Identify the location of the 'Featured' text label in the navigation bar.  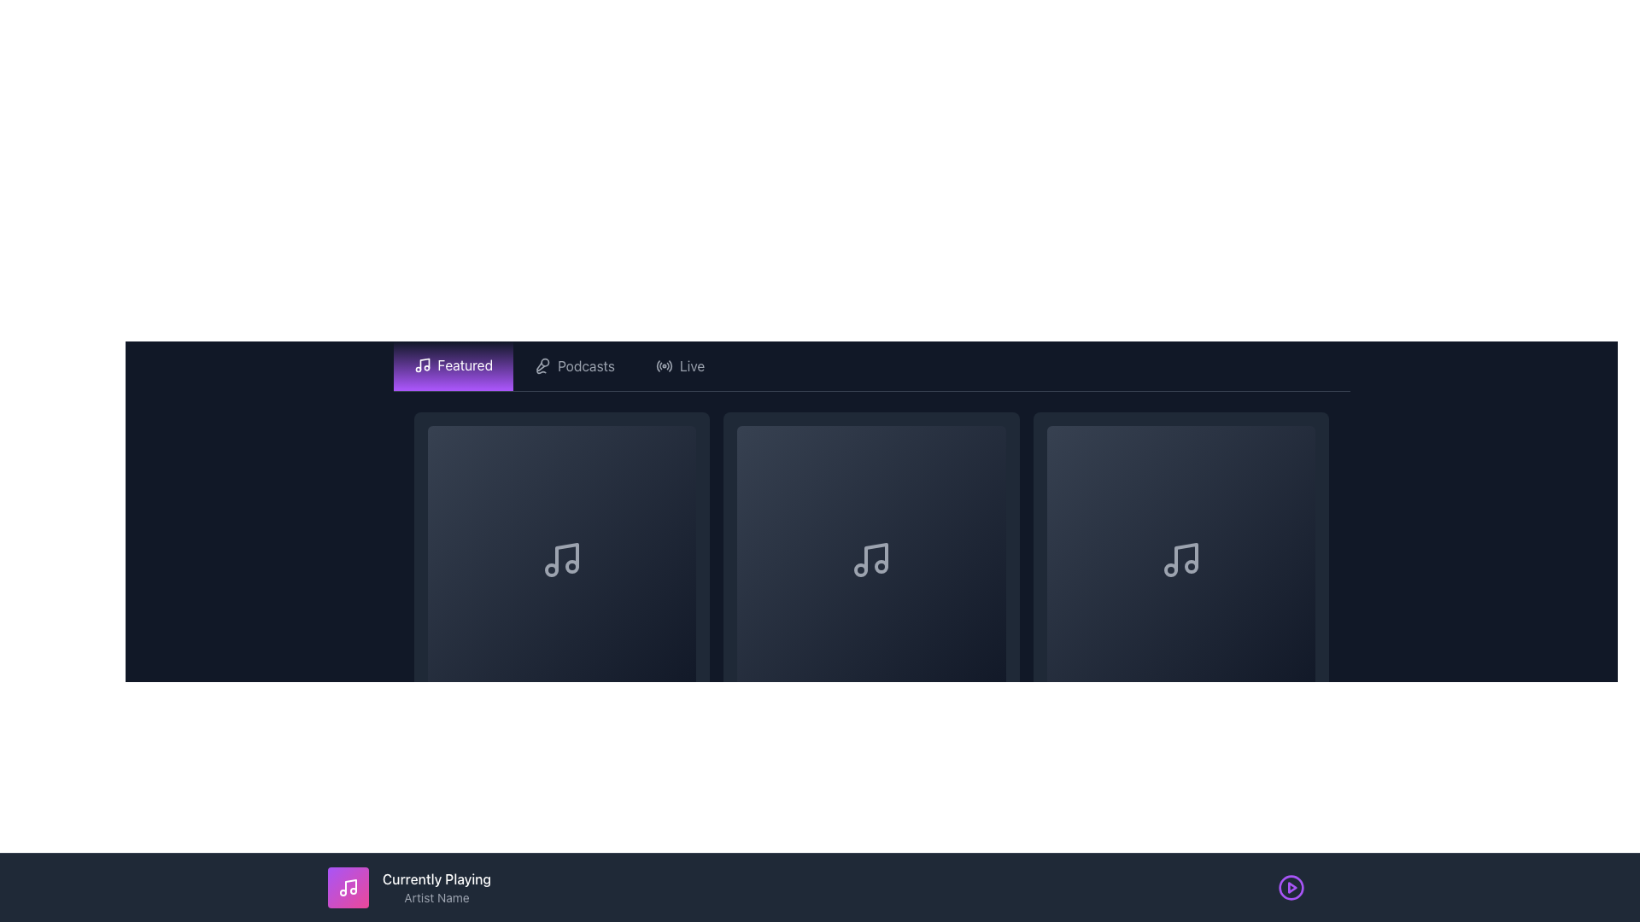
(465, 365).